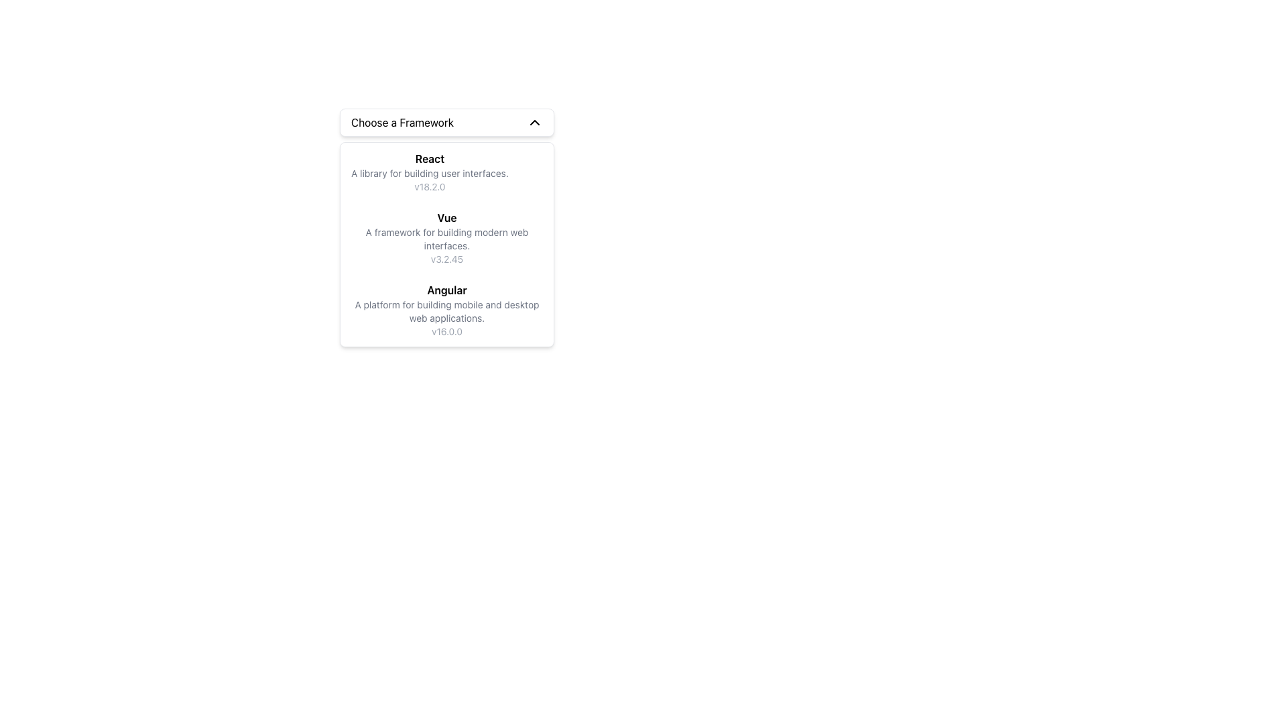 Image resolution: width=1287 pixels, height=724 pixels. I want to click on the informational text reading 'A framework for building modern web interfaces.' which is styled in gray and positioned below the heading 'Vue' in the dropdown menu, so click(447, 239).